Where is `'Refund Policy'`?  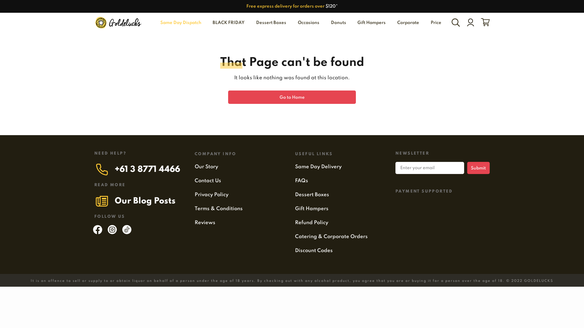 'Refund Policy' is located at coordinates (311, 222).